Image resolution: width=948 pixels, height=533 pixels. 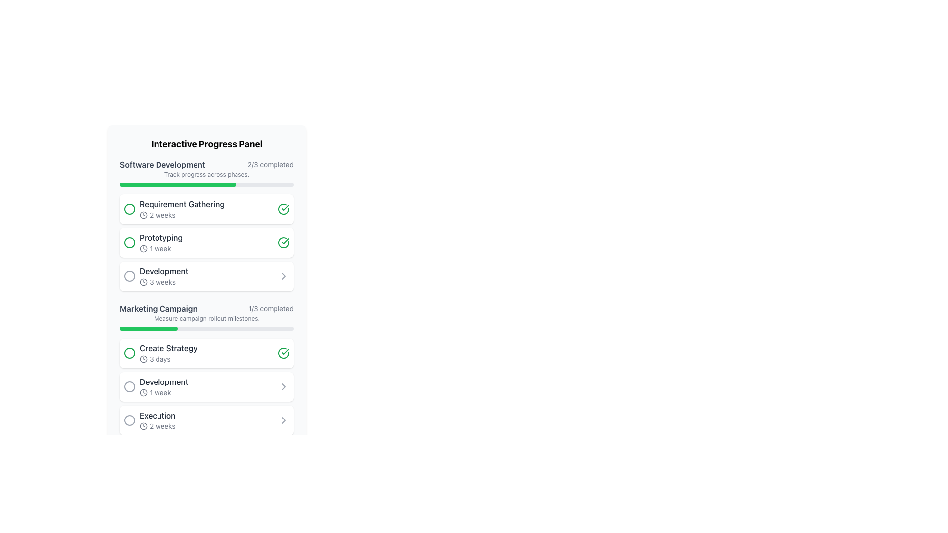 I want to click on the clock SVG icon located in the 'Development' row under the 'Software Development' section, positioned to the immediate left of the text '3 weeks', so click(x=143, y=282).